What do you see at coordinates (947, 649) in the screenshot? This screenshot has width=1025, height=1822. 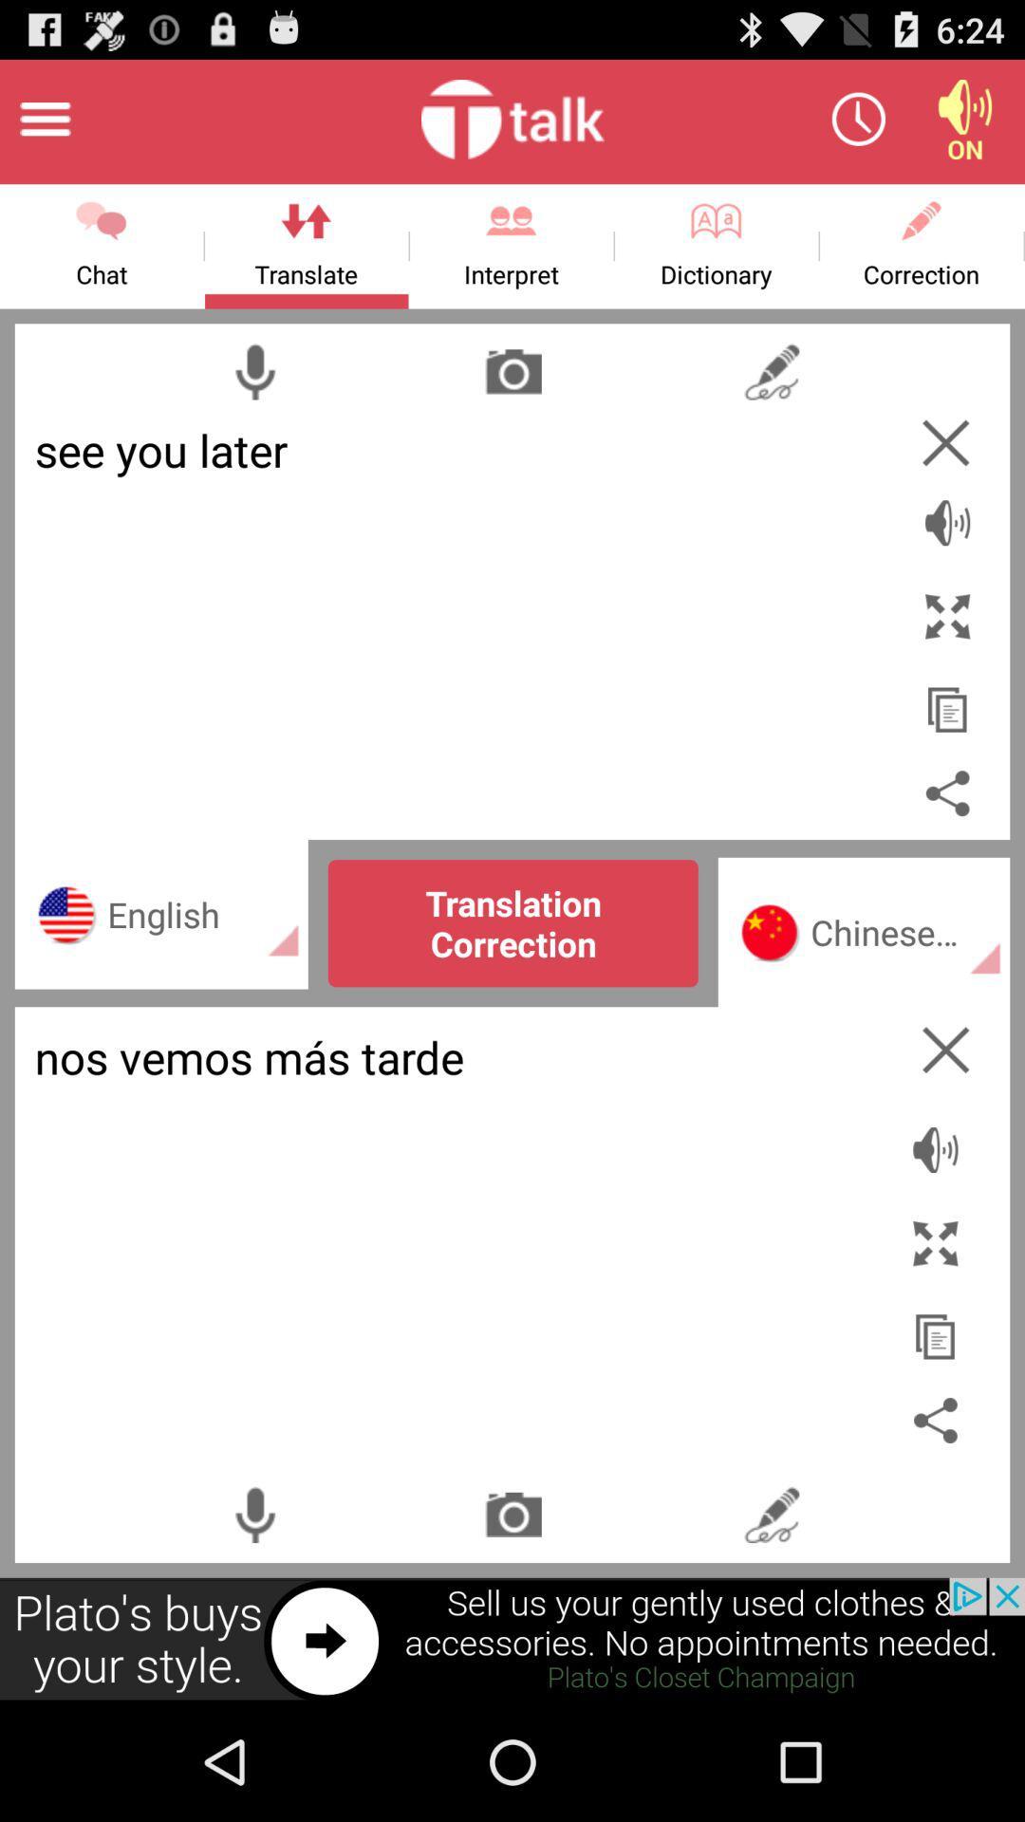 I see `the fullscreen icon` at bounding box center [947, 649].